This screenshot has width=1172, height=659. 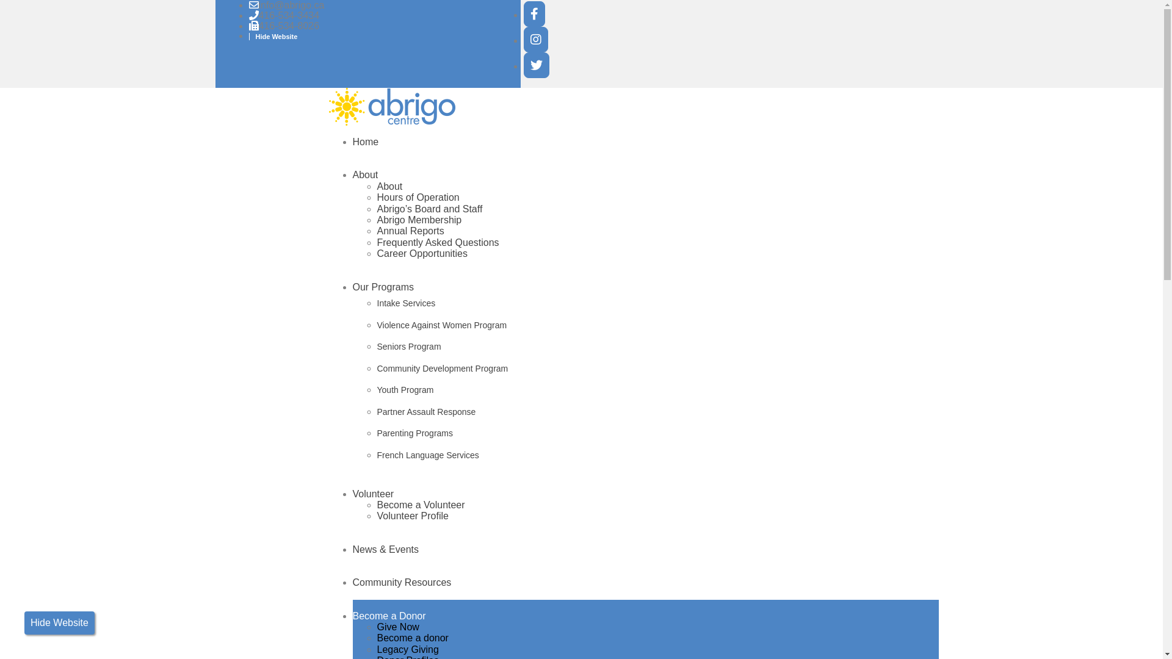 I want to click on 'Become a Volunteer', so click(x=421, y=505).